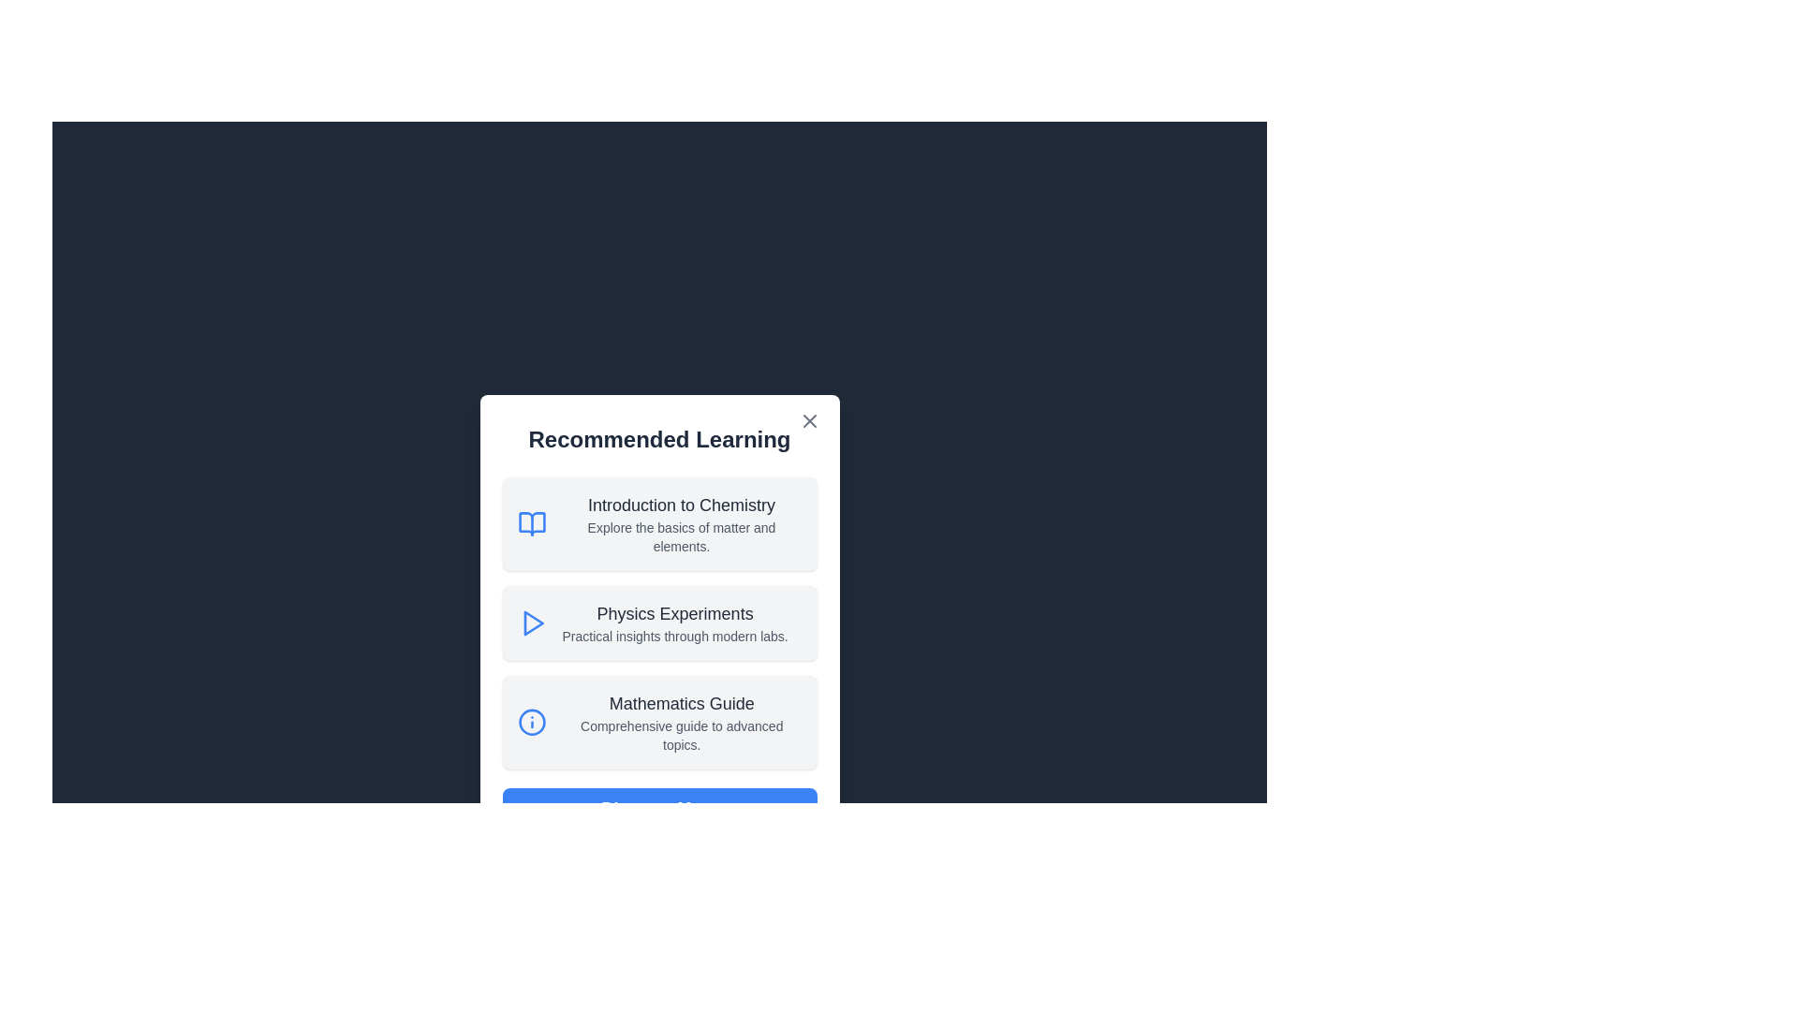 This screenshot has height=1011, width=1798. What do you see at coordinates (659, 623) in the screenshot?
I see `the second card in the 'Recommended Learning' modal dialog, which provides a link to Physics experiments` at bounding box center [659, 623].